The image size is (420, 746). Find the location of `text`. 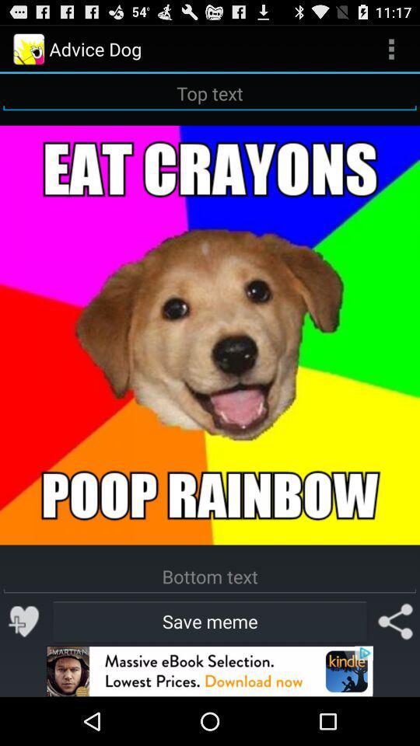

text is located at coordinates (210, 93).